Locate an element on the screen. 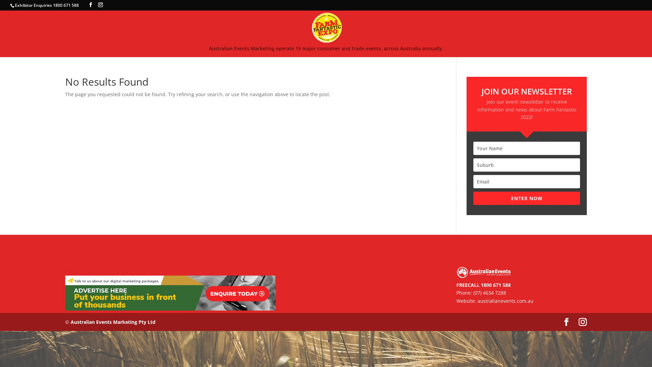 Image resolution: width=652 pixels, height=367 pixels. 'australianevents.com.au' is located at coordinates (505, 300).